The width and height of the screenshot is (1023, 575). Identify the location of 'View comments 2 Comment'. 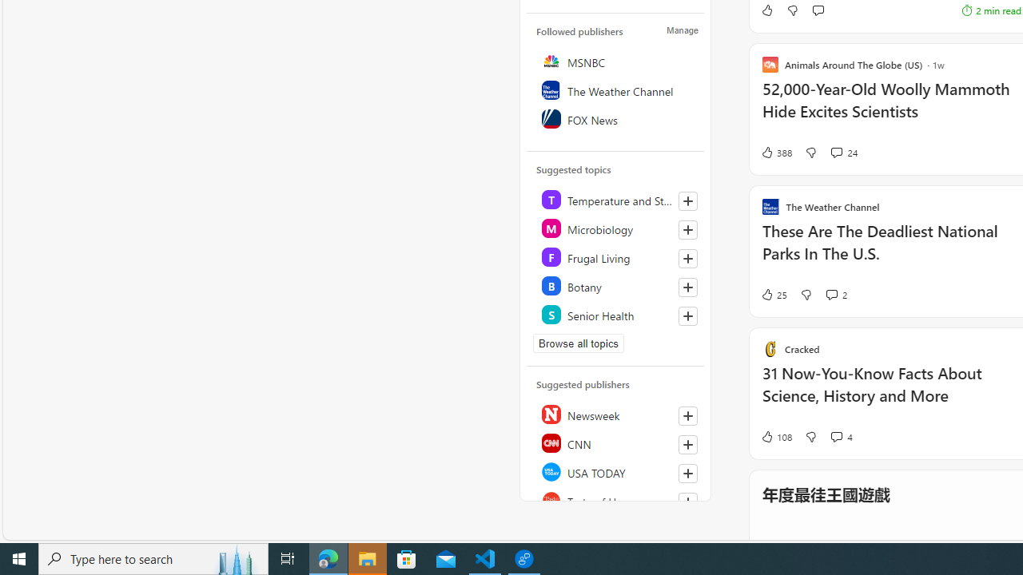
(831, 294).